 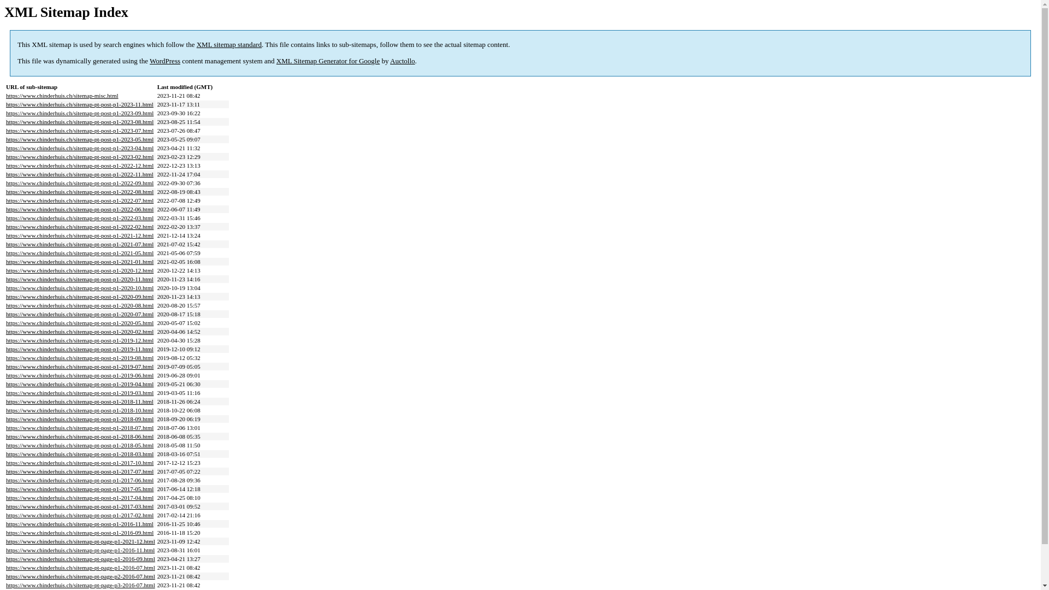 I want to click on 'https://www.chinderhuis.ch/sitemap-pt-post-p1-2022-06.html', so click(x=79, y=209).